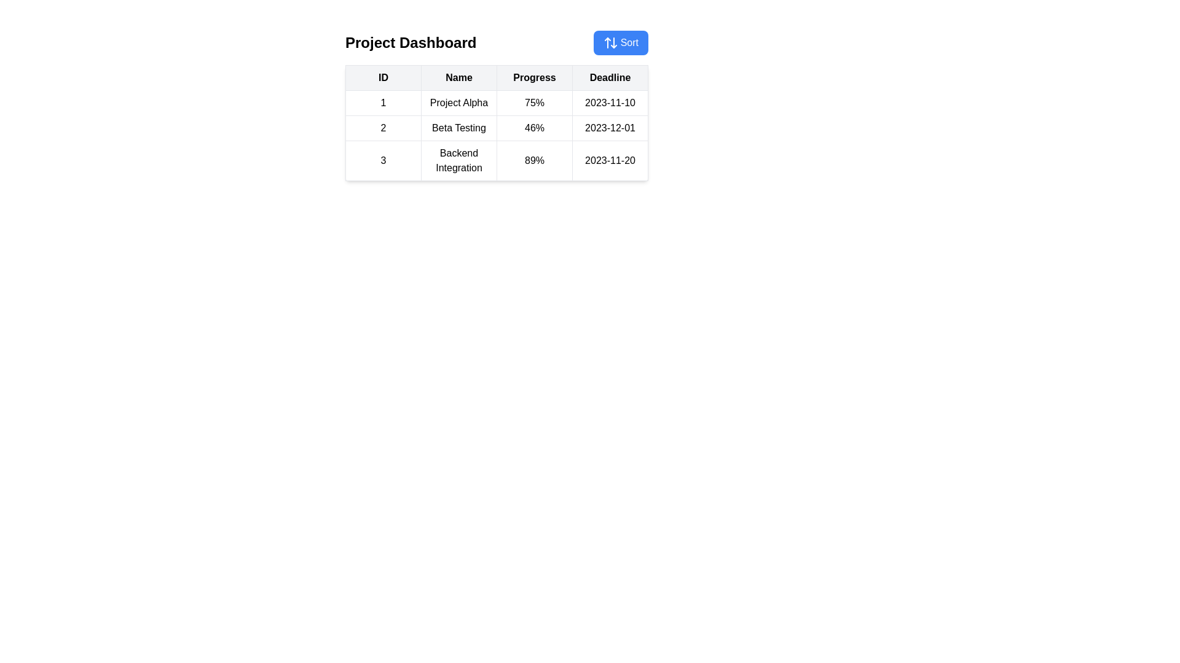 The width and height of the screenshot is (1180, 663). What do you see at coordinates (610, 42) in the screenshot?
I see `the sorting SVG icon located within the 'Sort' button at the top-right of the Project Dashboard` at bounding box center [610, 42].